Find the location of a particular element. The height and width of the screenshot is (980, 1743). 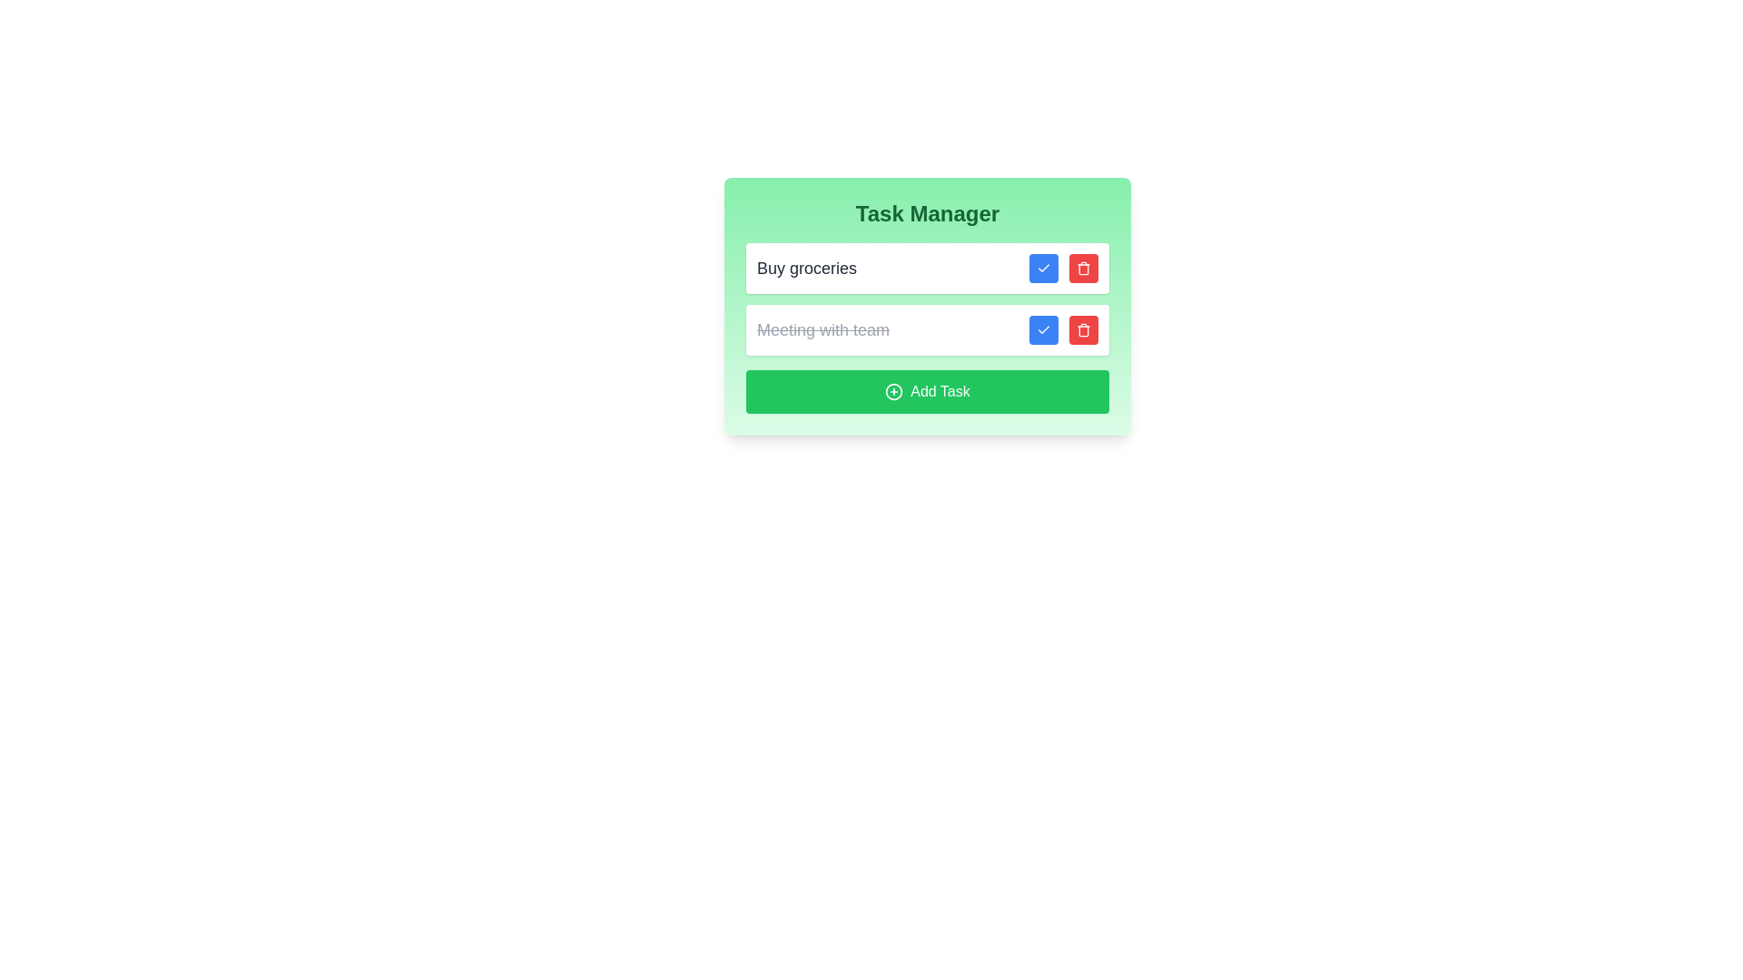

the small, square red button with a white trash can icon, located to the right of the blue checkmark button under the 'Task Manager' header is located at coordinates (1084, 329).